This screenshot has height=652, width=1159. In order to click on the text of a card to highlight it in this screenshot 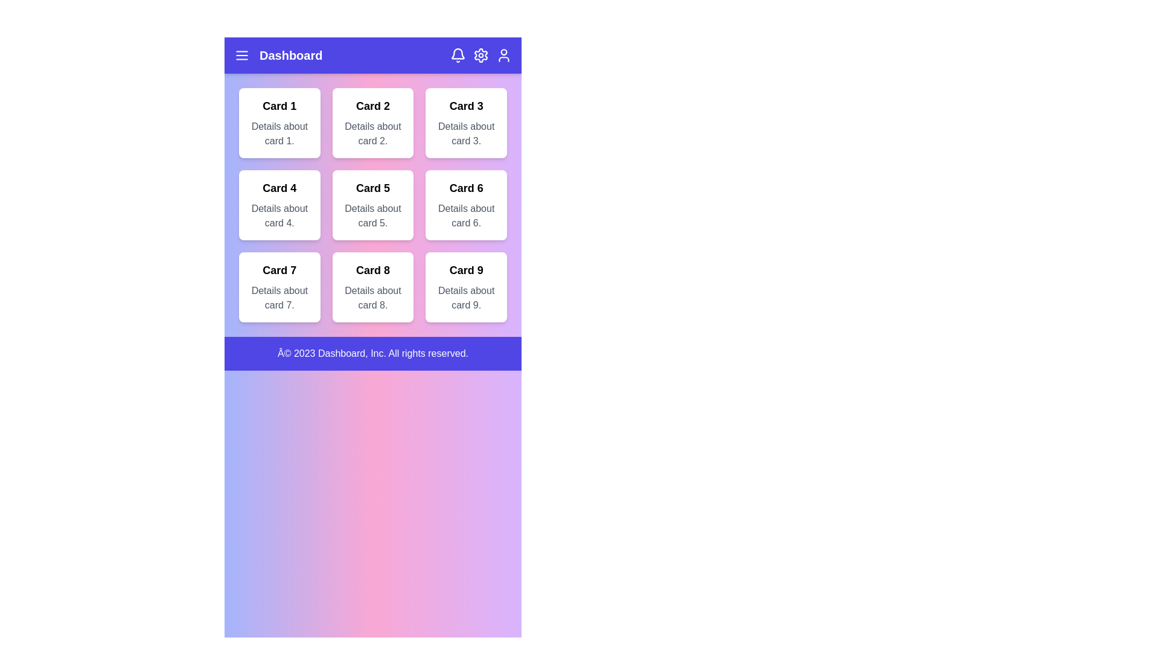, I will do `click(278, 123)`.